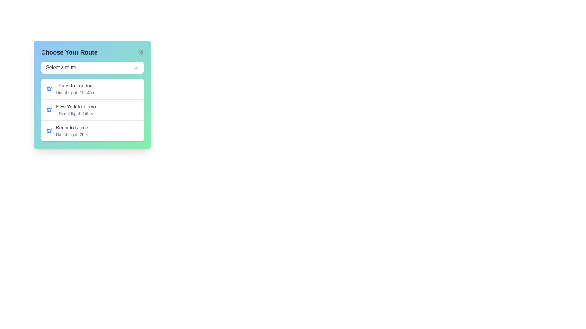 This screenshot has width=586, height=329. I want to click on the upward-pointing chevron icon located at the top-right corner of the 'Select a route' input box in the 'Choose Your Route' card, so click(136, 68).